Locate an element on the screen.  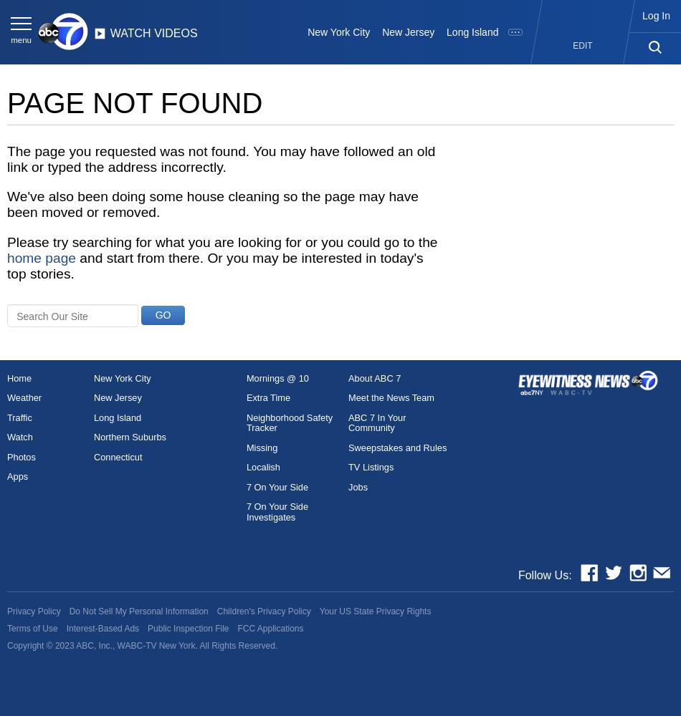
'New York City' is located at coordinates (338, 32).